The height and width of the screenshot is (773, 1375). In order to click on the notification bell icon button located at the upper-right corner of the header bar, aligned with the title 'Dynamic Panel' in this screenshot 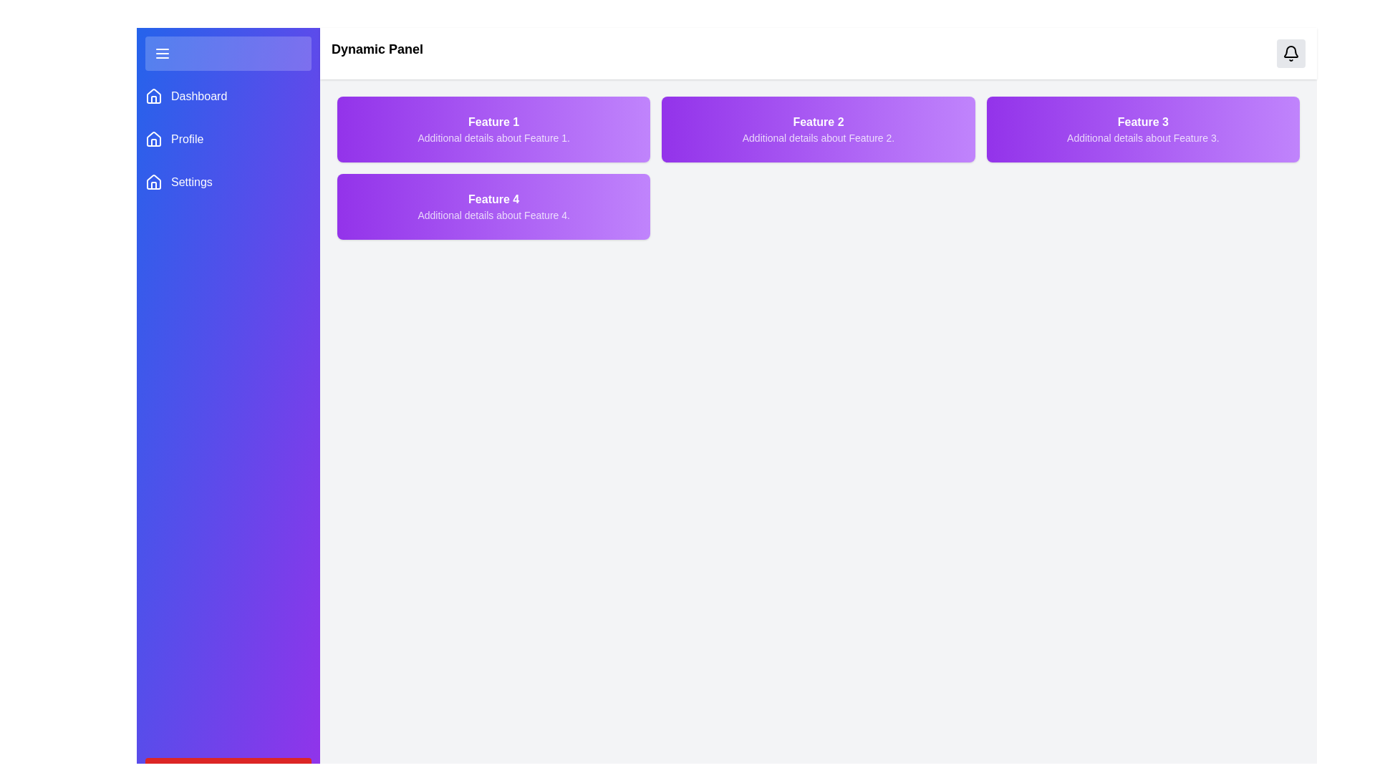, I will do `click(1291, 52)`.